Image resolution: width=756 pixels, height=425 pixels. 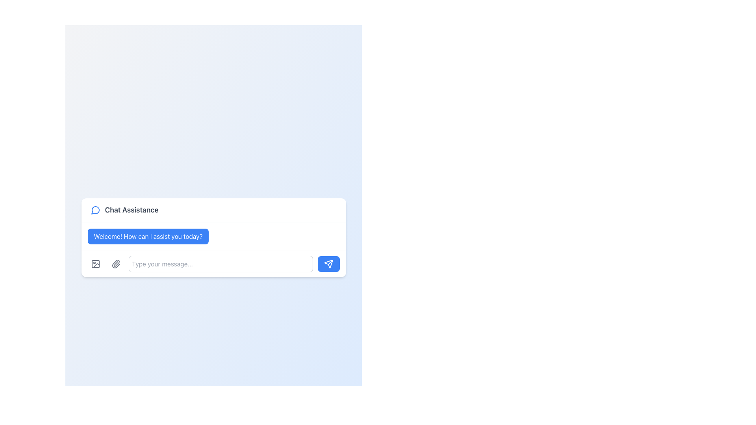 I want to click on the Interactive Button with Icon that allows users to attach files or documents, indicated by the paperclip icon, so click(x=115, y=264).